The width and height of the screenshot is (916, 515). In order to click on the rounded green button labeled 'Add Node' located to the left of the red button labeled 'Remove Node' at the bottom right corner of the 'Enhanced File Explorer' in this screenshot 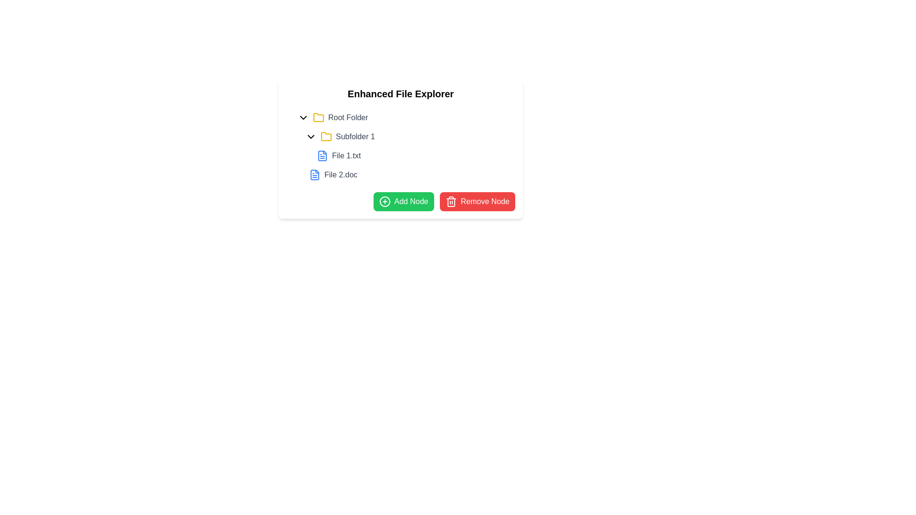, I will do `click(401, 201)`.